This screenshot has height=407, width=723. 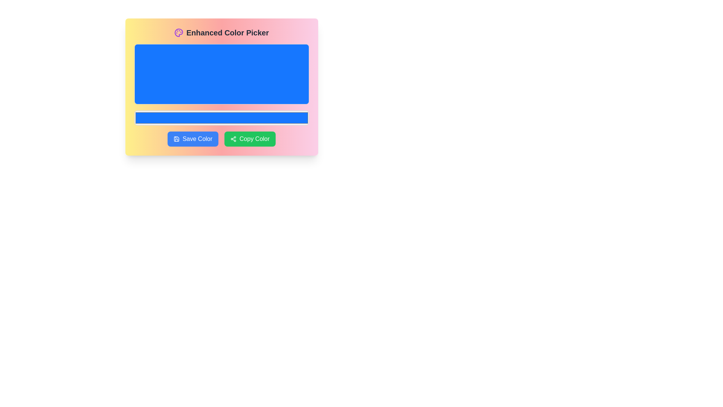 I want to click on the decorative palette icon that symbolizes the color theme of the application, positioned to the left of the title 'Enhanced Color Picker', so click(x=178, y=32).